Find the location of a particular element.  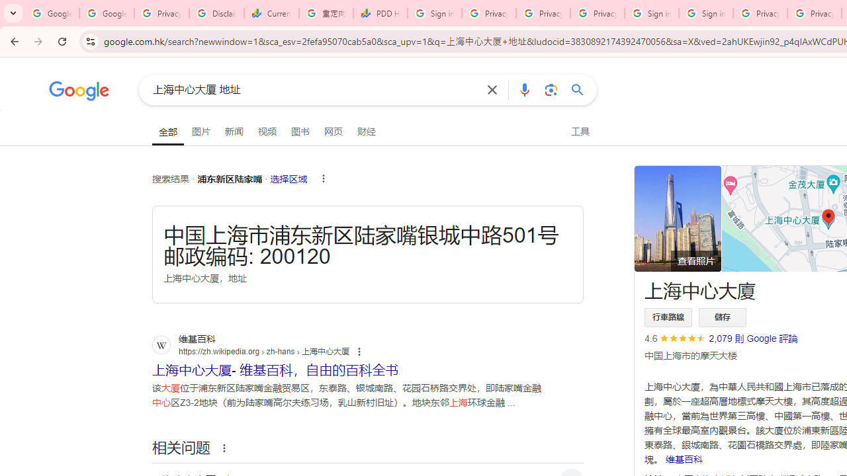

'Sign in - Google Accounts' is located at coordinates (705, 13).